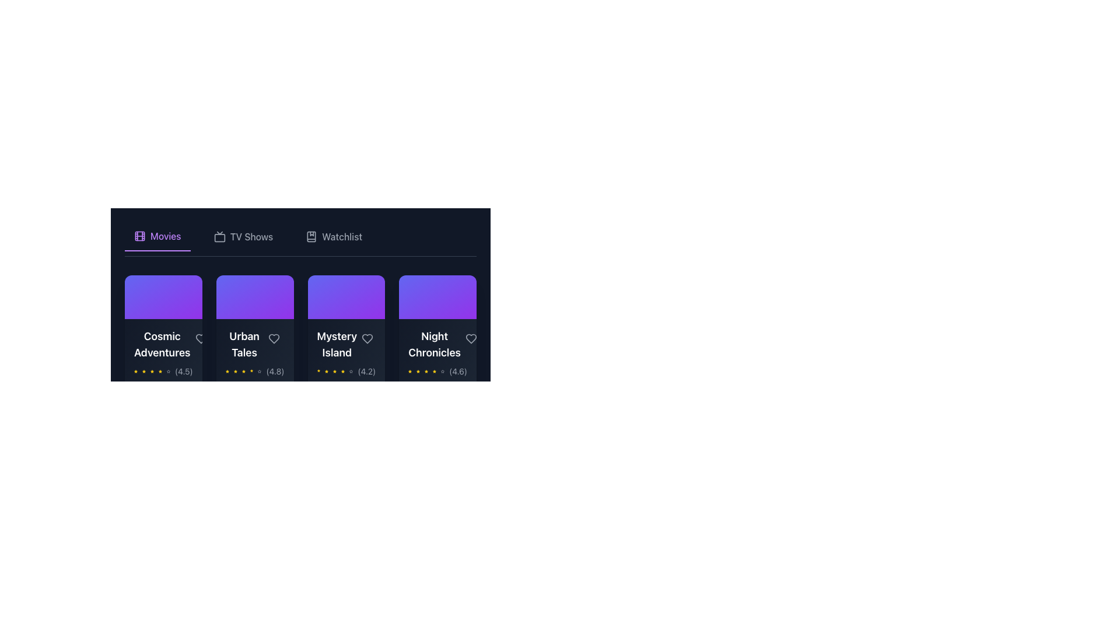  Describe the element at coordinates (249, 439) in the screenshot. I see `the button that allows users to add an item to their list for tracking or saving, positioned towards the left side below the movie listings to observe hover effects` at that location.